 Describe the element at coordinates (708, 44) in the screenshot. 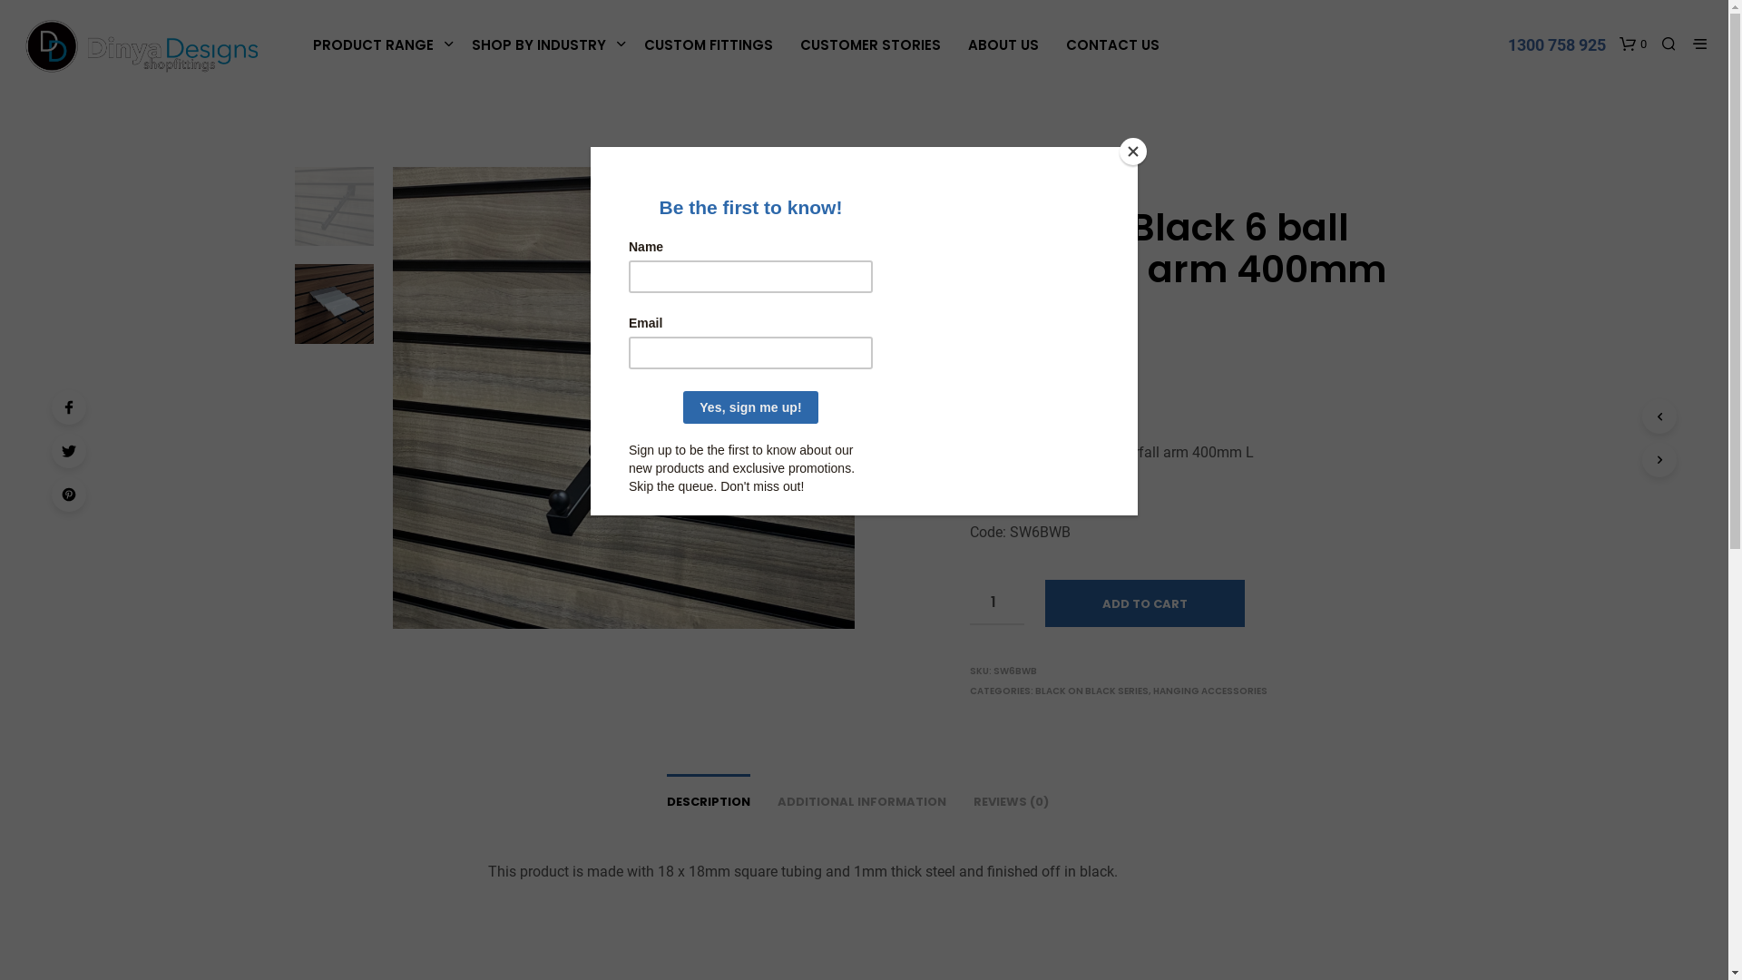

I see `'CUSTOM FITTINGS'` at that location.